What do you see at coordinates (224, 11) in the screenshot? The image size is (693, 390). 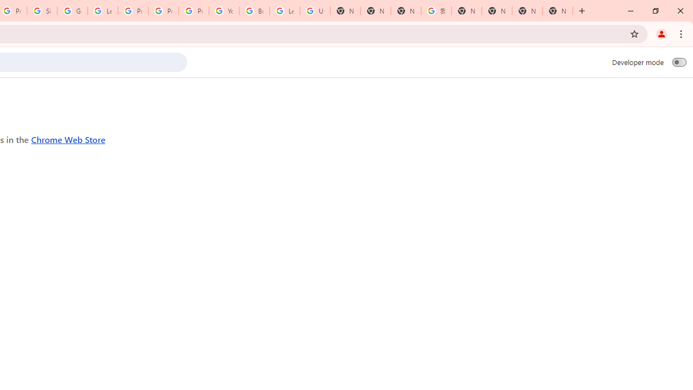 I see `'YouTube'` at bounding box center [224, 11].